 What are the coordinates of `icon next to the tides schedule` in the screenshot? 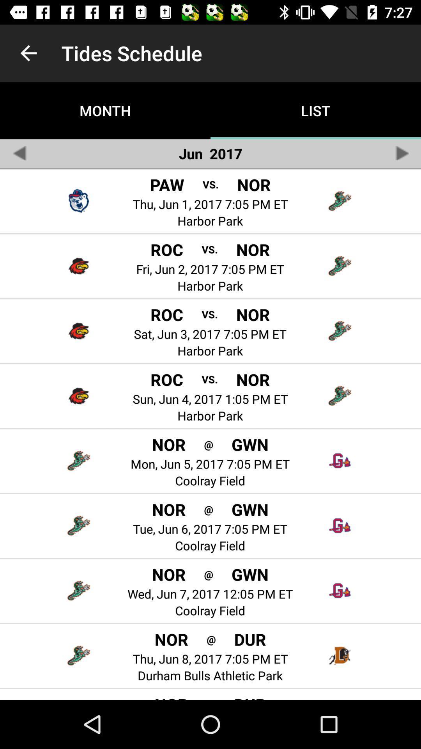 It's located at (28, 53).